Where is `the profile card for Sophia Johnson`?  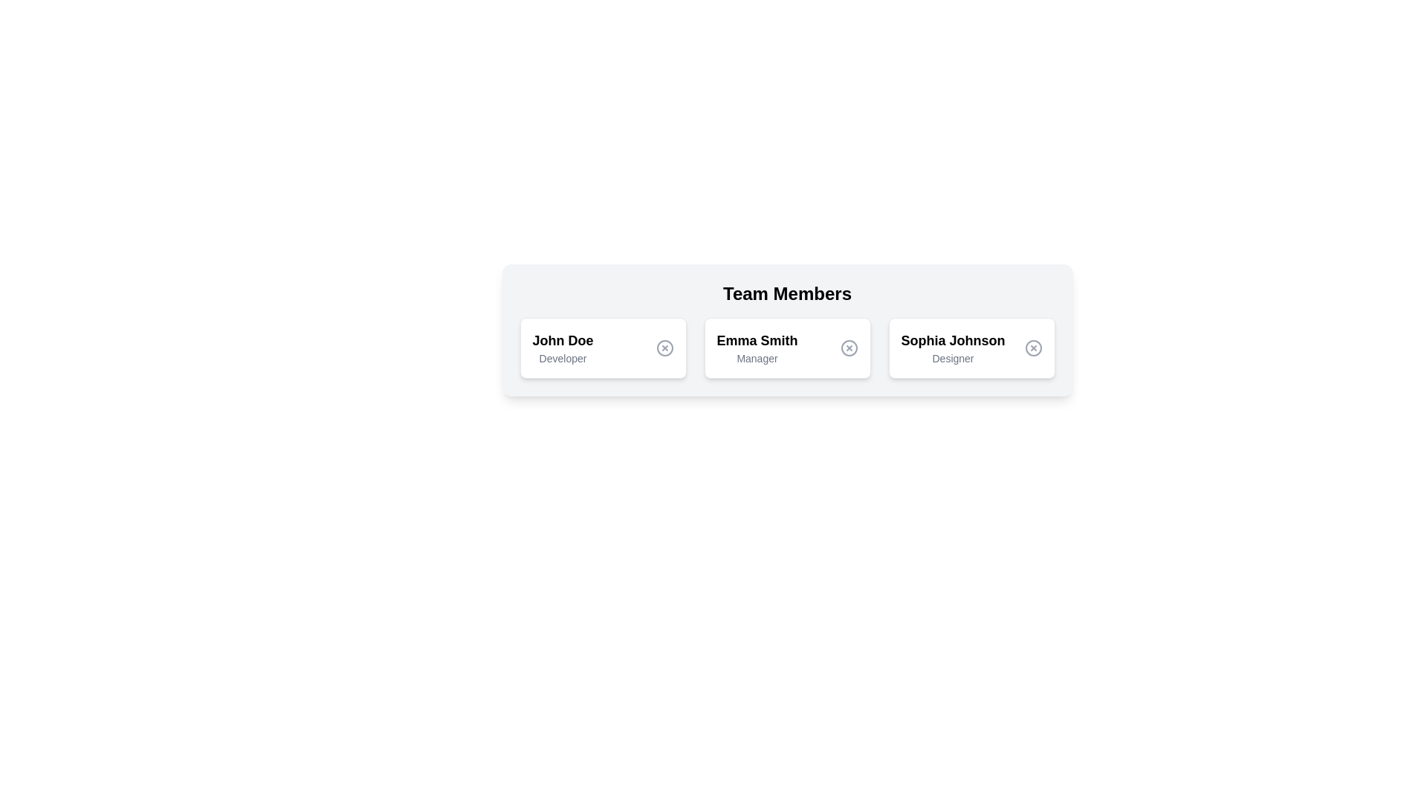
the profile card for Sophia Johnson is located at coordinates (971, 348).